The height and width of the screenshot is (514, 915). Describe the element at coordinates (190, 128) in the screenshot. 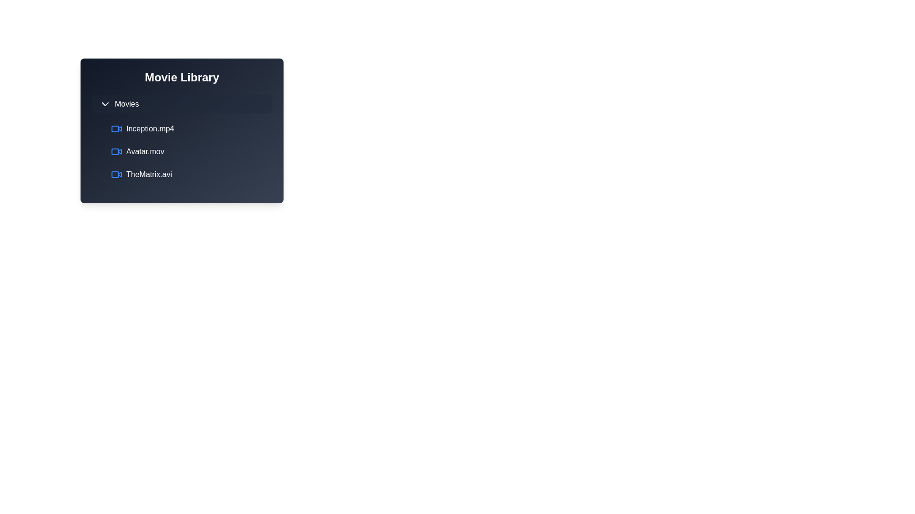

I see `the movie item Inception.mp4 from the list` at that location.